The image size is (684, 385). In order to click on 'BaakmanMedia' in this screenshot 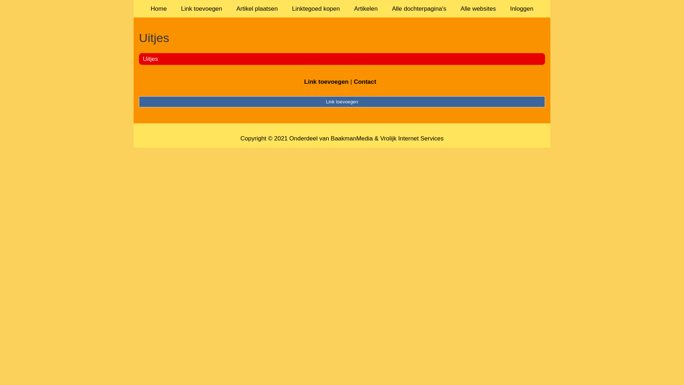, I will do `click(330, 138)`.